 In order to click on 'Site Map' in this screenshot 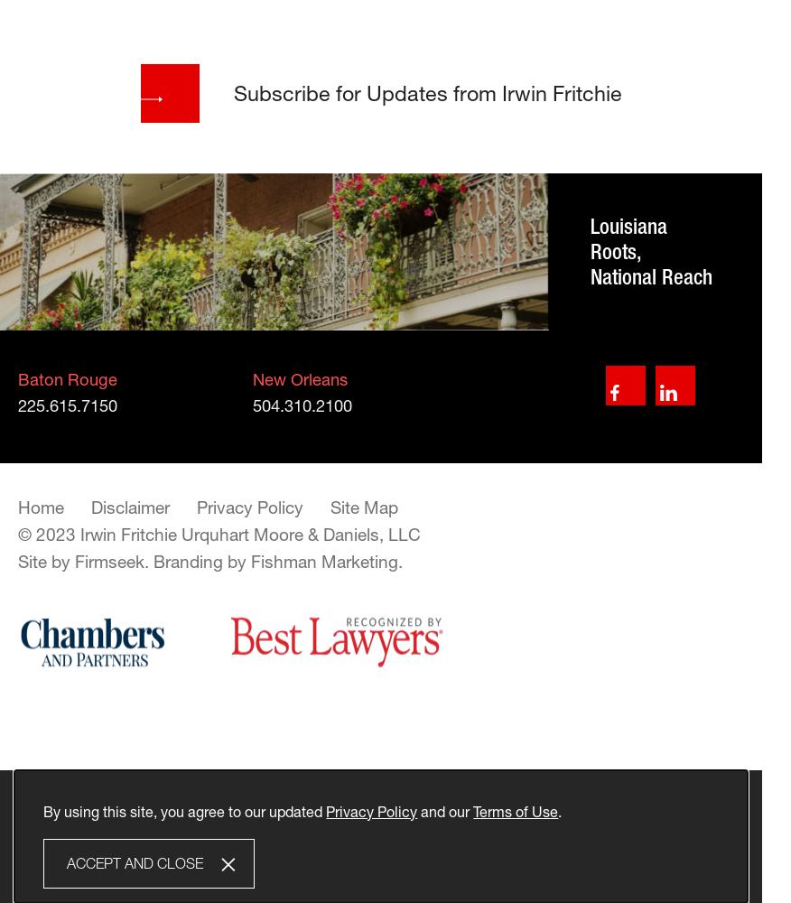, I will do `click(364, 507)`.